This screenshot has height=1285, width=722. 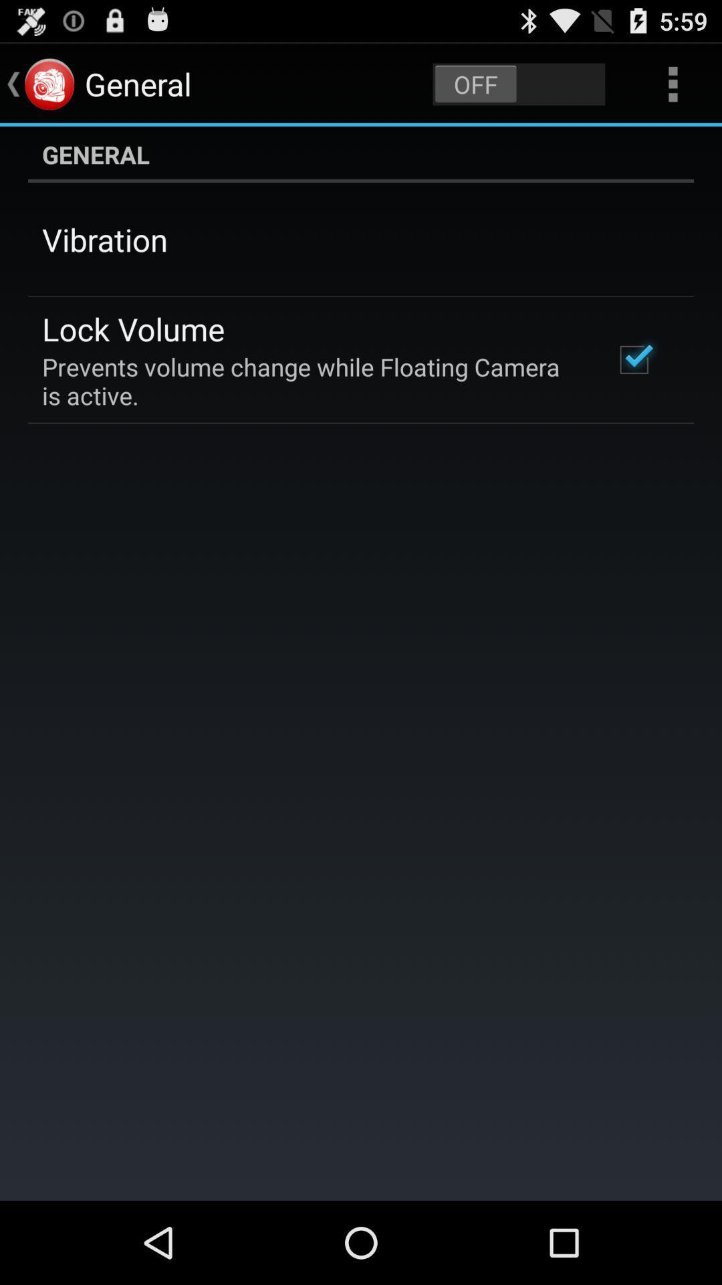 I want to click on app below vibration app, so click(x=133, y=329).